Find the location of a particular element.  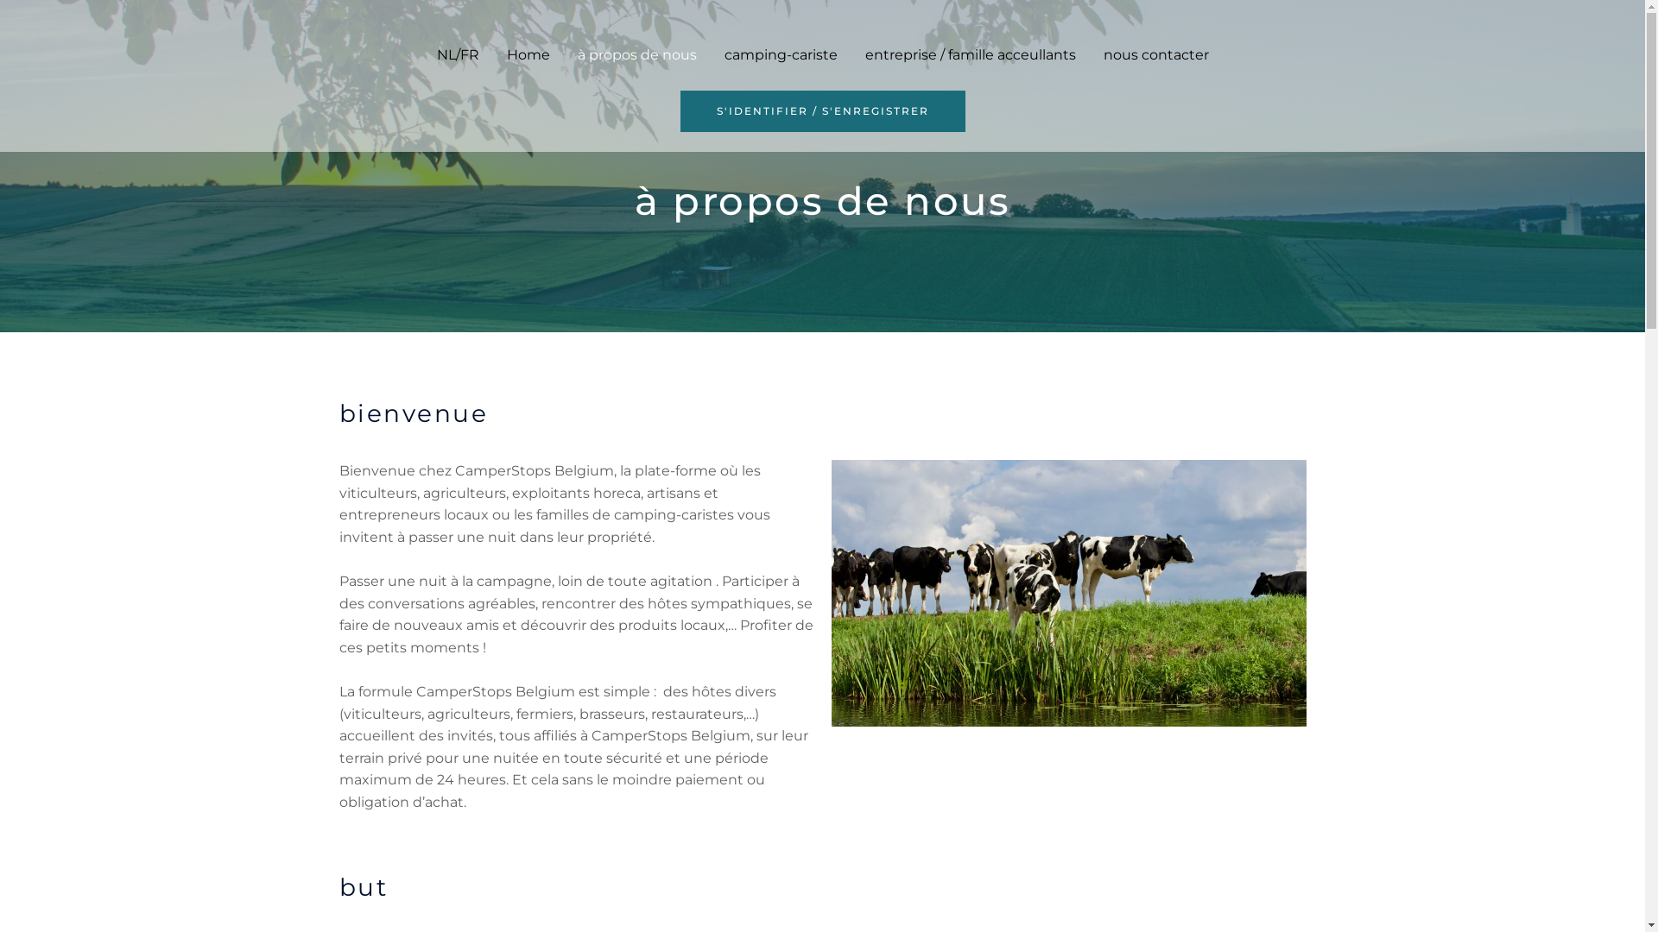

'nous contacter' is located at coordinates (1156, 54).